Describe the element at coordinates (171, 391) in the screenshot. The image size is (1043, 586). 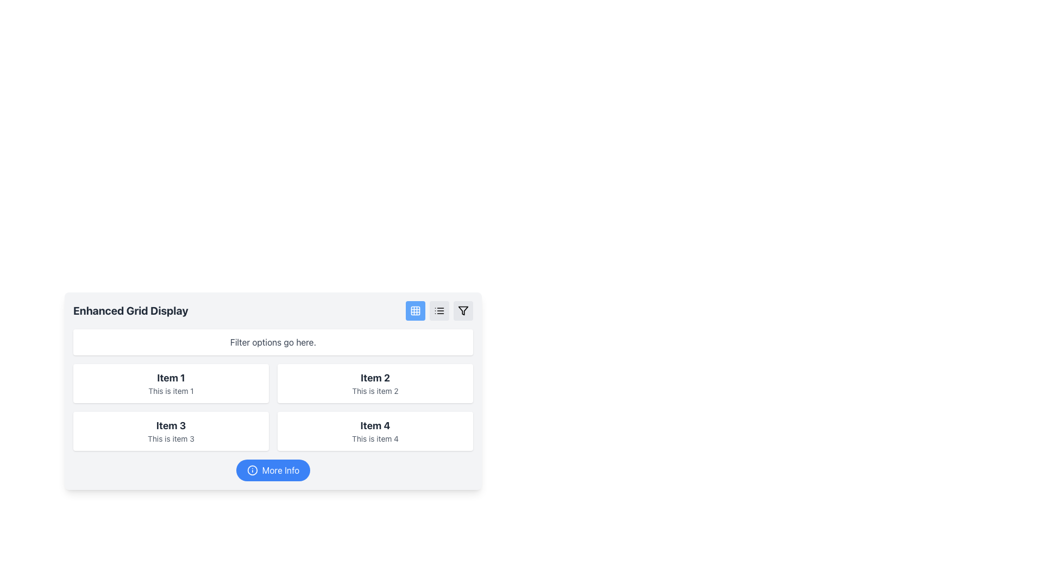
I see `descriptive text label located below the bold title of the 'Item 1' card in the second row of a 2x2 grid layout` at that location.